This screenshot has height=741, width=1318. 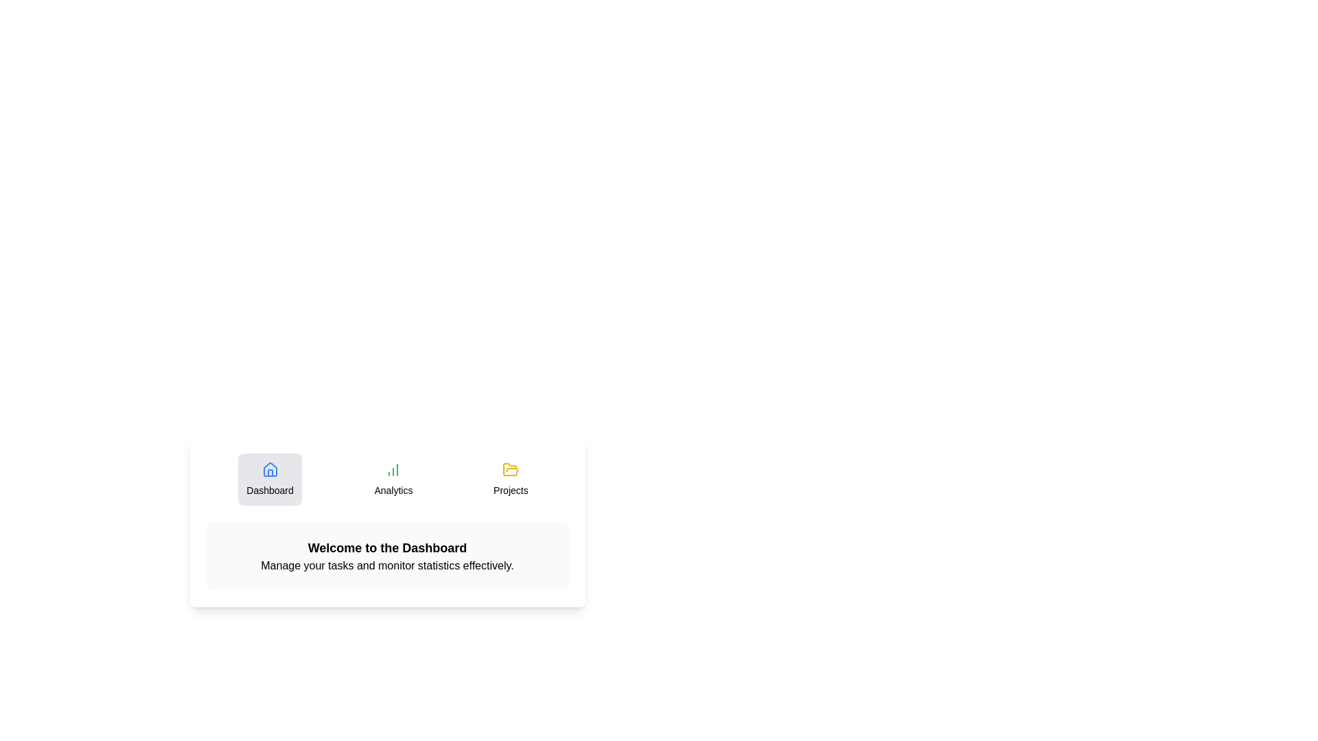 What do you see at coordinates (510, 478) in the screenshot?
I see `the Projects tab to view its content` at bounding box center [510, 478].